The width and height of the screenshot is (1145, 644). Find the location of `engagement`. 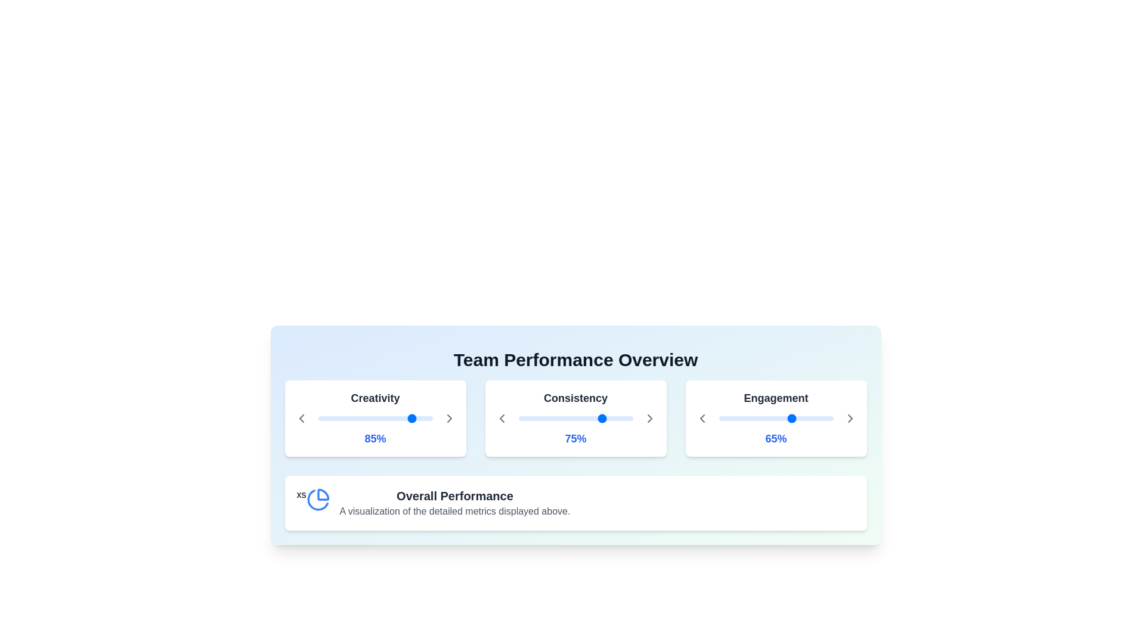

engagement is located at coordinates (831, 418).